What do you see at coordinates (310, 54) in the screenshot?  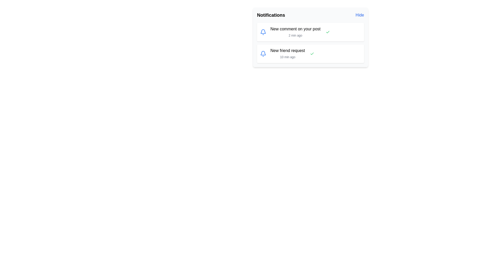 I see `the second notification entry in the notifications list, which contains a bell icon, the text 'New friend request', and a green checkmark icon` at bounding box center [310, 54].